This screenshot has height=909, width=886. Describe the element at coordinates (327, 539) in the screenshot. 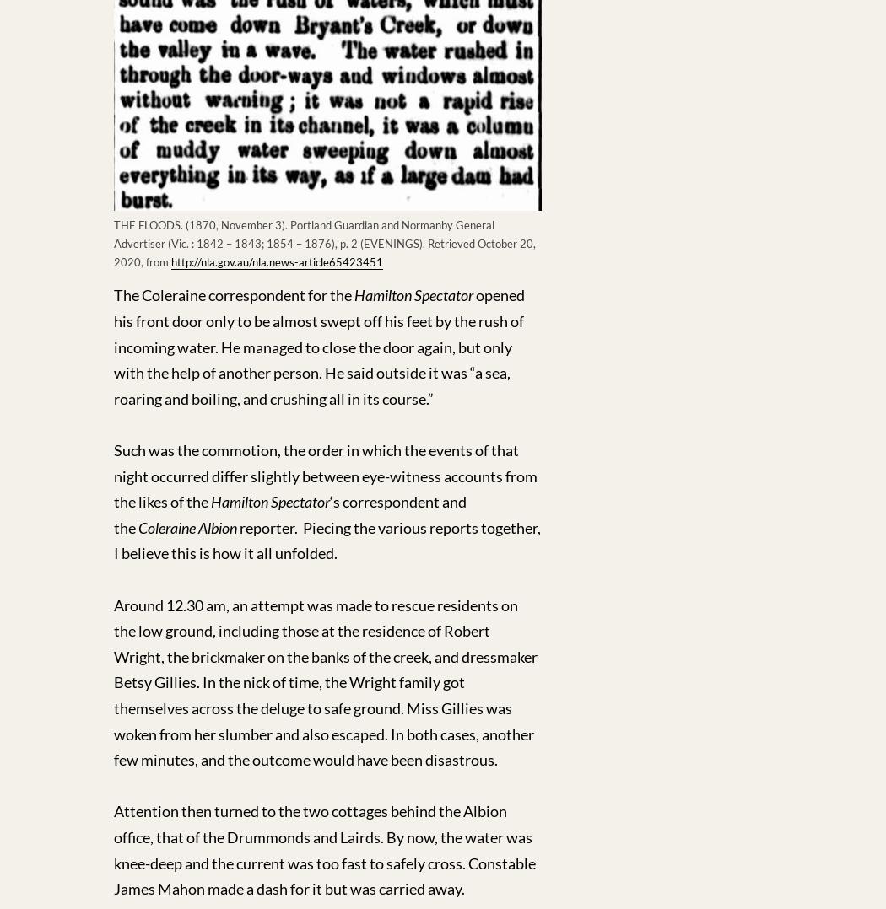

I see `'reporter.  Piecing the various reports together, I believe this is how it all unfolded.'` at that location.